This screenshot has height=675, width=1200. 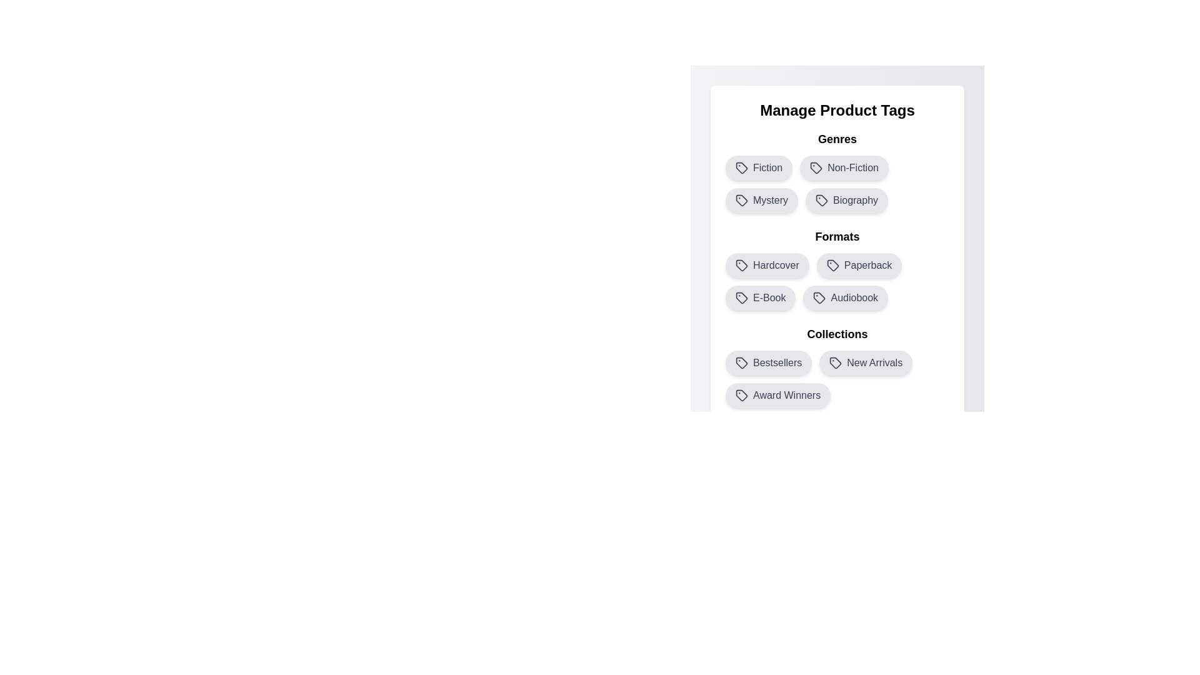 What do you see at coordinates (741, 298) in the screenshot?
I see `the 'E-Book' icon located in the 'Formats' section, positioned to the left of the 'E-Book' label` at bounding box center [741, 298].